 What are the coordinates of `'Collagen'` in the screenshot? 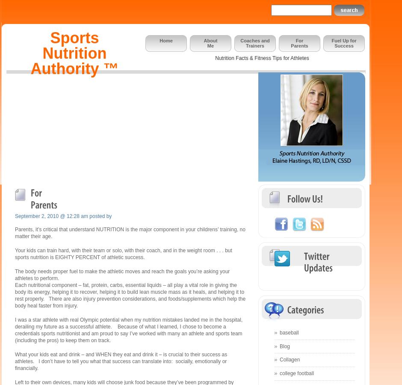 It's located at (289, 360).